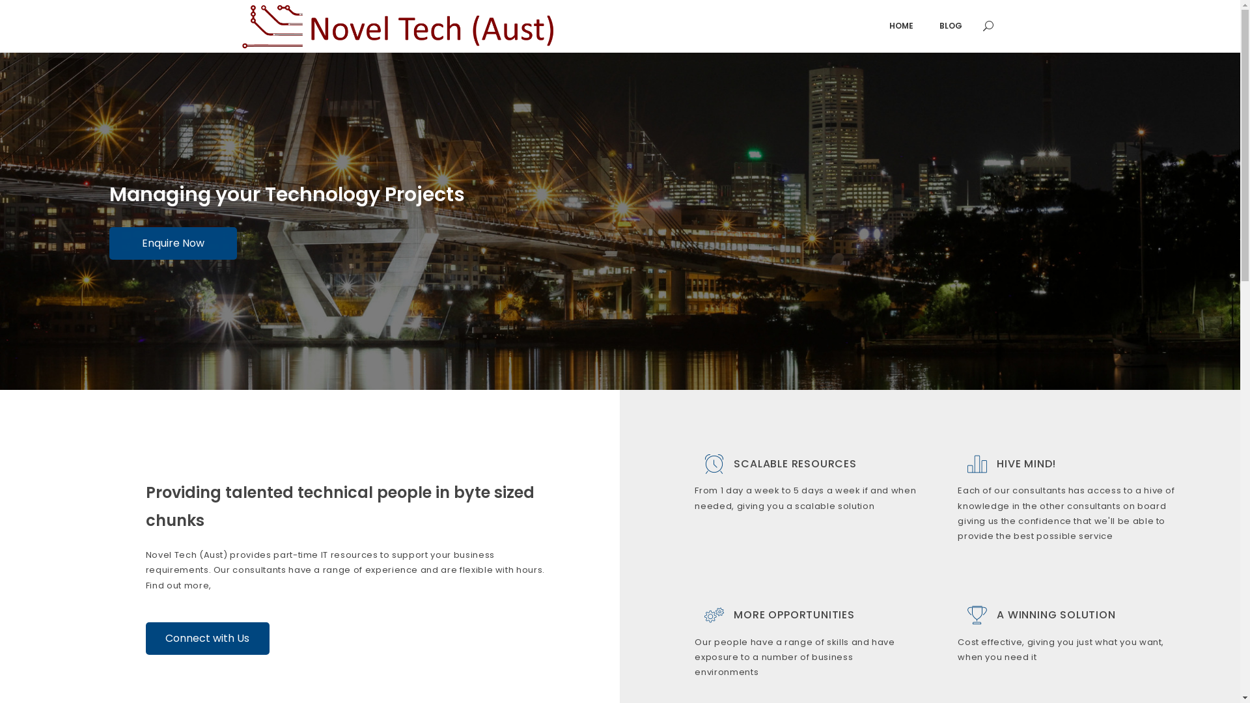 The height and width of the screenshot is (703, 1250). I want to click on 'MORE OPPORTUNITIES', so click(734, 614).